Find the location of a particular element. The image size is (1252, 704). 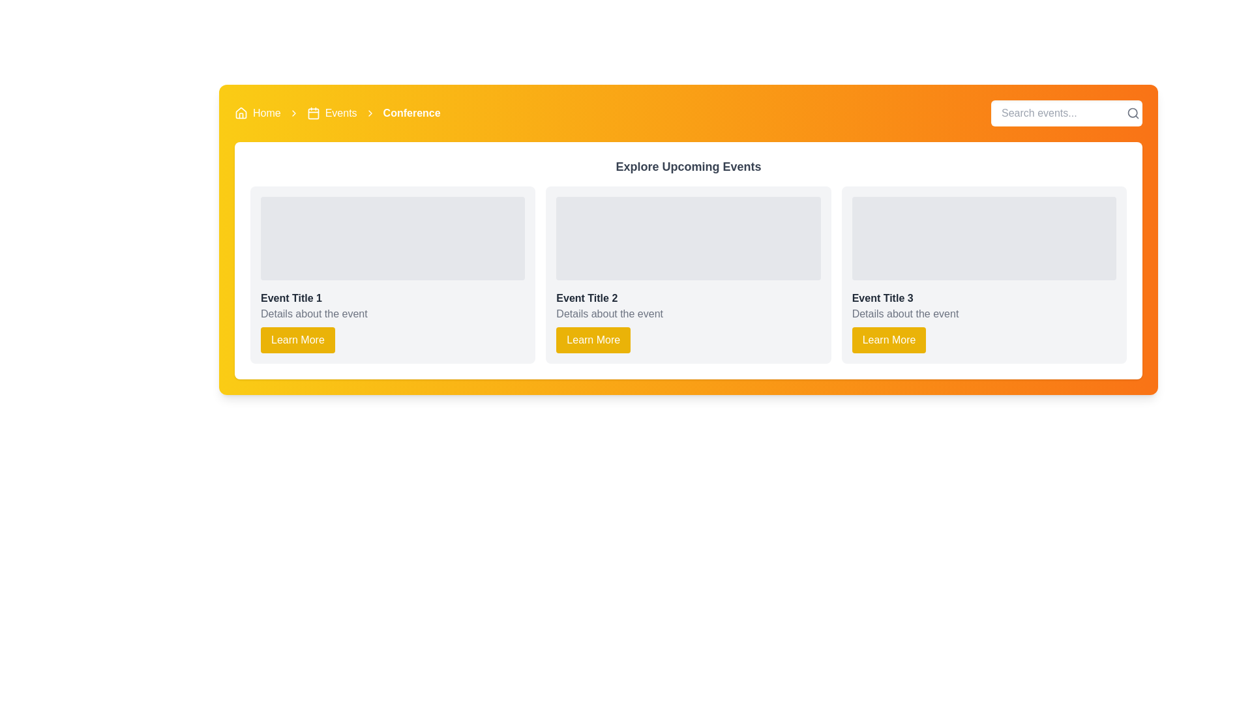

the Placeholder area for media content, which is a rectangular element with a rounded border, styled in light gray, located within the card labeled 'Event Title 2.' is located at coordinates (688, 239).